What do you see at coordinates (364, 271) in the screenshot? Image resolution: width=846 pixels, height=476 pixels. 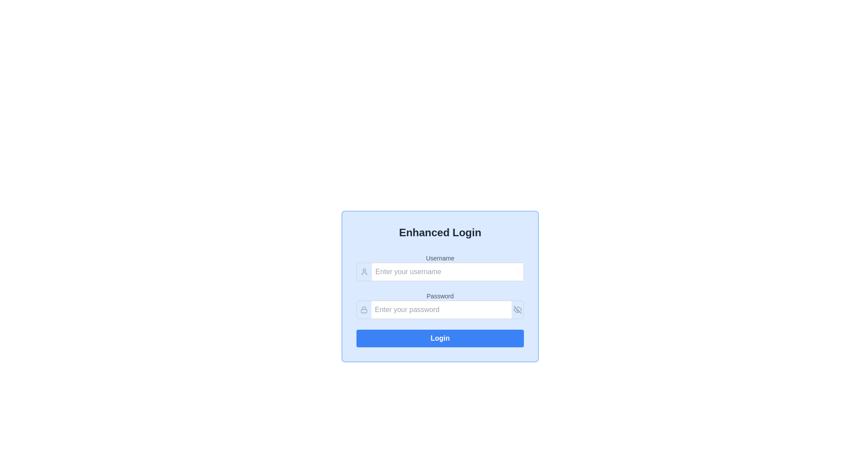 I see `the minimalistic gray user icon with a thin stroke outline, located to the left of the username input field` at bounding box center [364, 271].